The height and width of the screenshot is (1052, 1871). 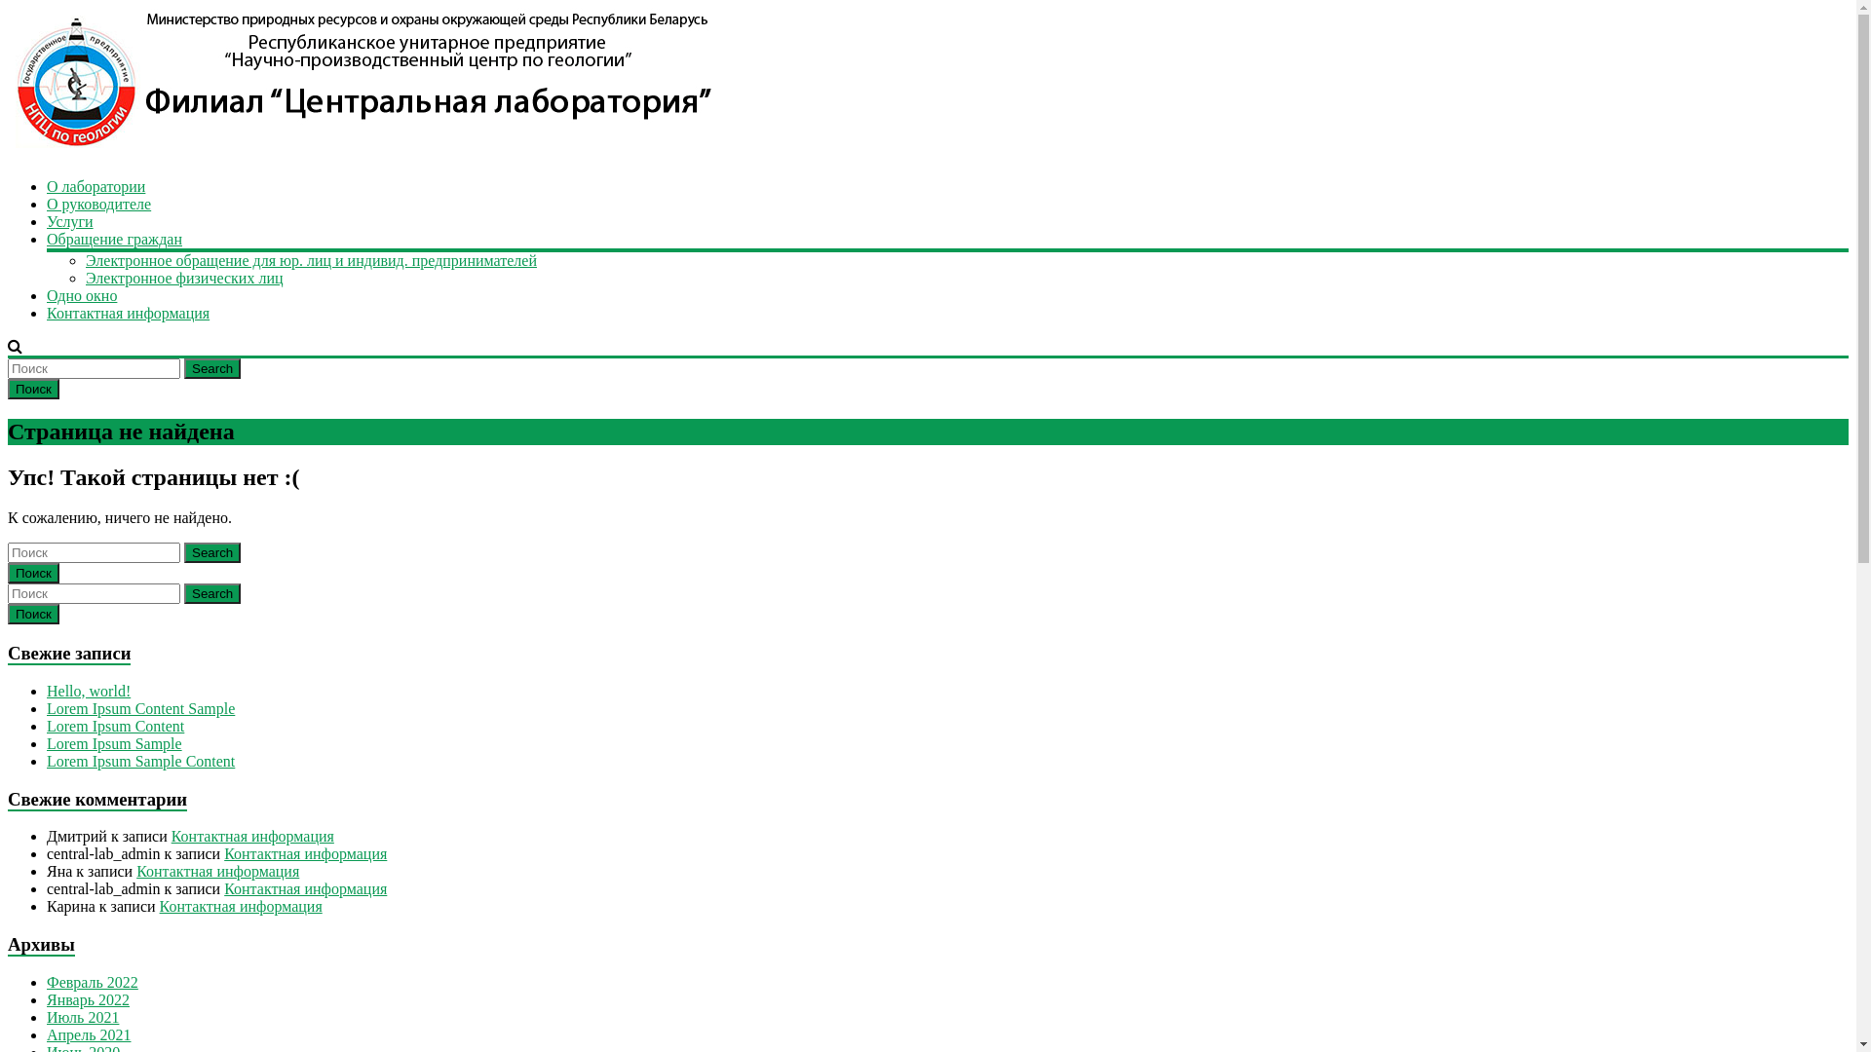 I want to click on 'Lorem Ipsum Sample', so click(x=113, y=743).